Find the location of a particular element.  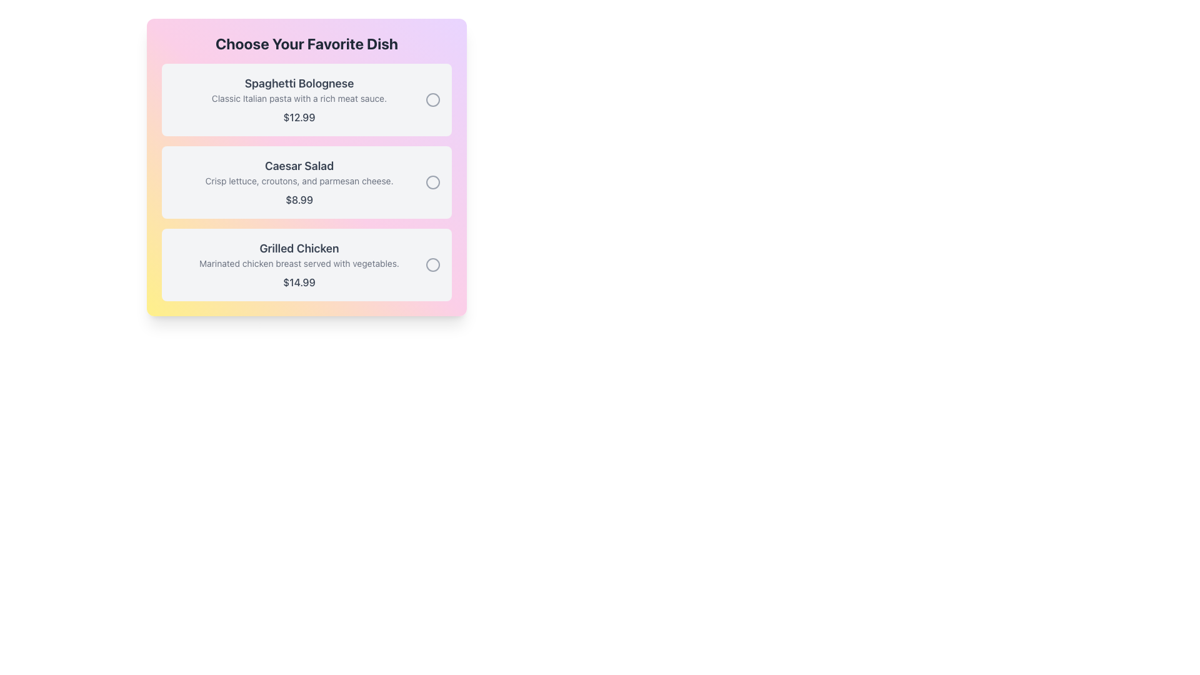

the static text that describes the dish 'Spaghetti Bolognese', which is positioned below the title and above the price label in the first option of the list is located at coordinates (299, 98).